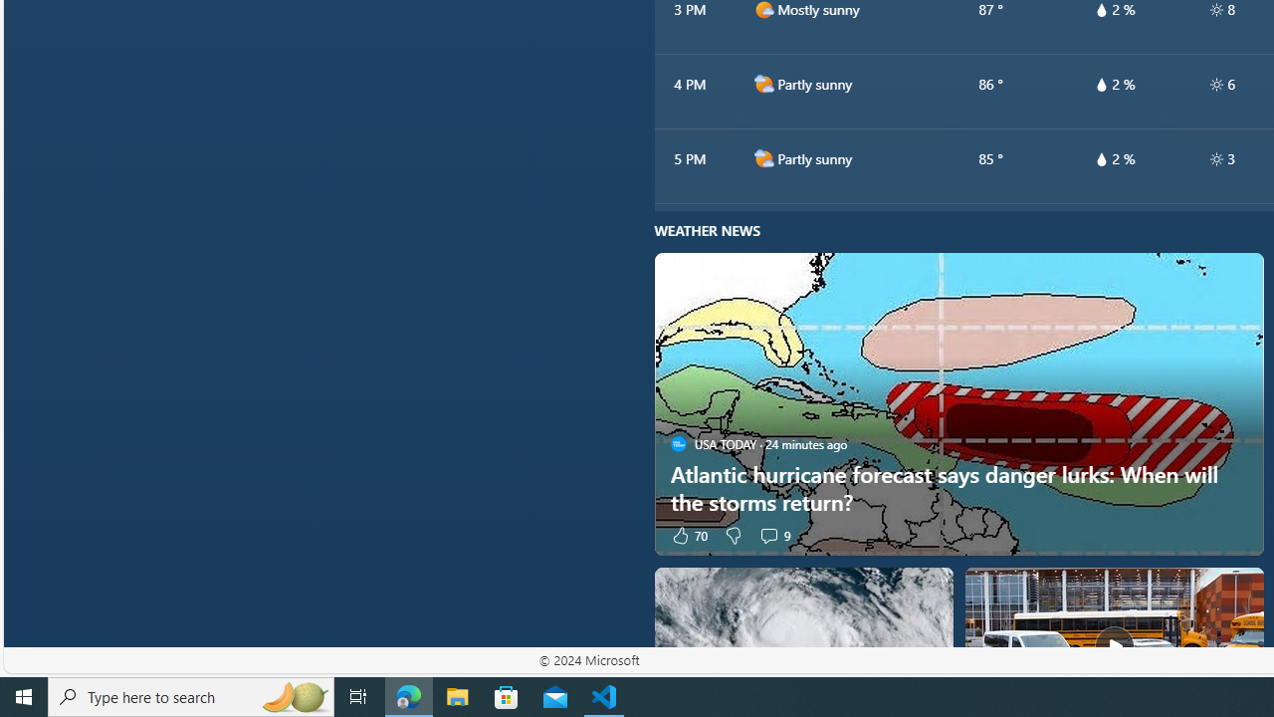 The height and width of the screenshot is (717, 1274). What do you see at coordinates (678, 443) in the screenshot?
I see `'USA TODAY'` at bounding box center [678, 443].